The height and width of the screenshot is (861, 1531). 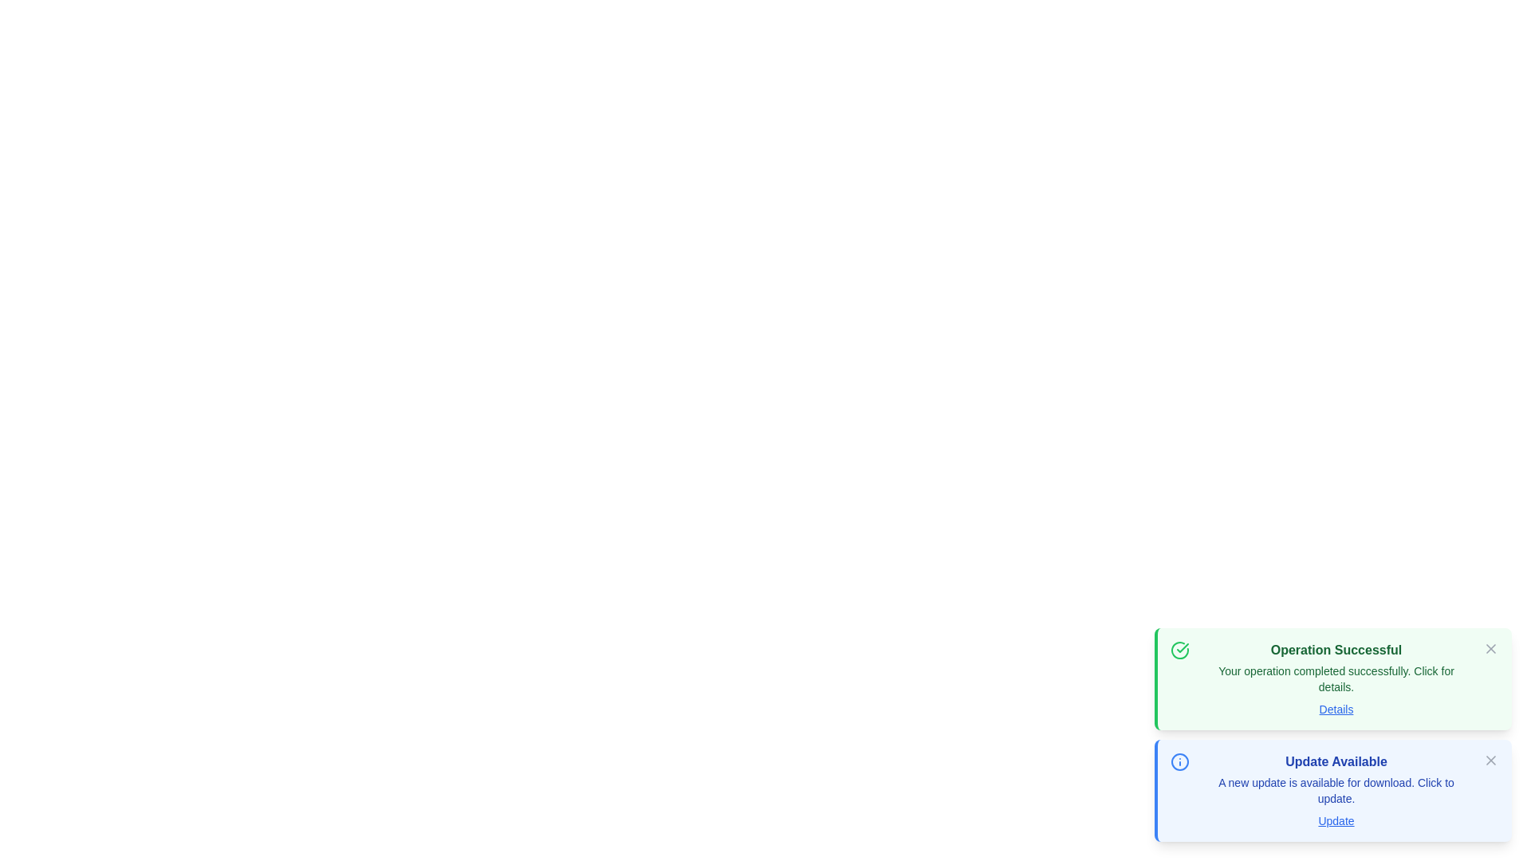 I want to click on the 'X' icon button in the top-right corner of the blue notification box labeled 'Update Available', so click(x=1490, y=759).